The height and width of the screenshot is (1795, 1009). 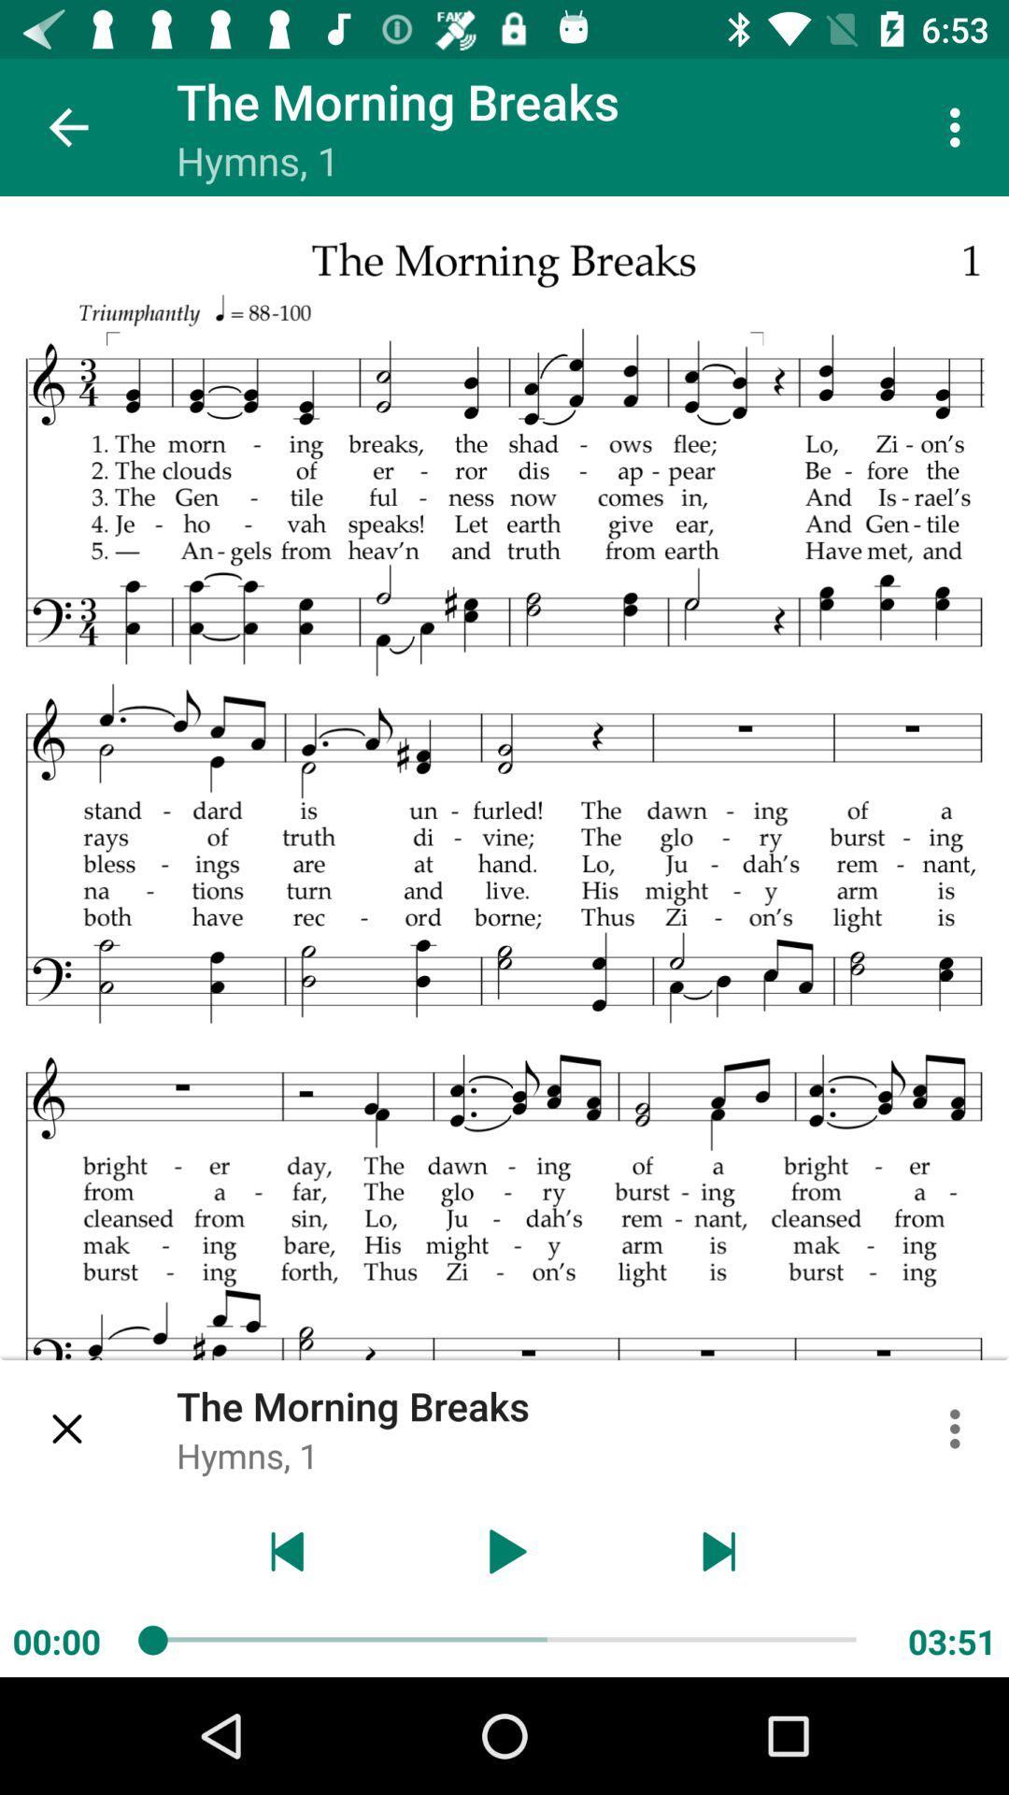 What do you see at coordinates (67, 1428) in the screenshot?
I see `the current song` at bounding box center [67, 1428].